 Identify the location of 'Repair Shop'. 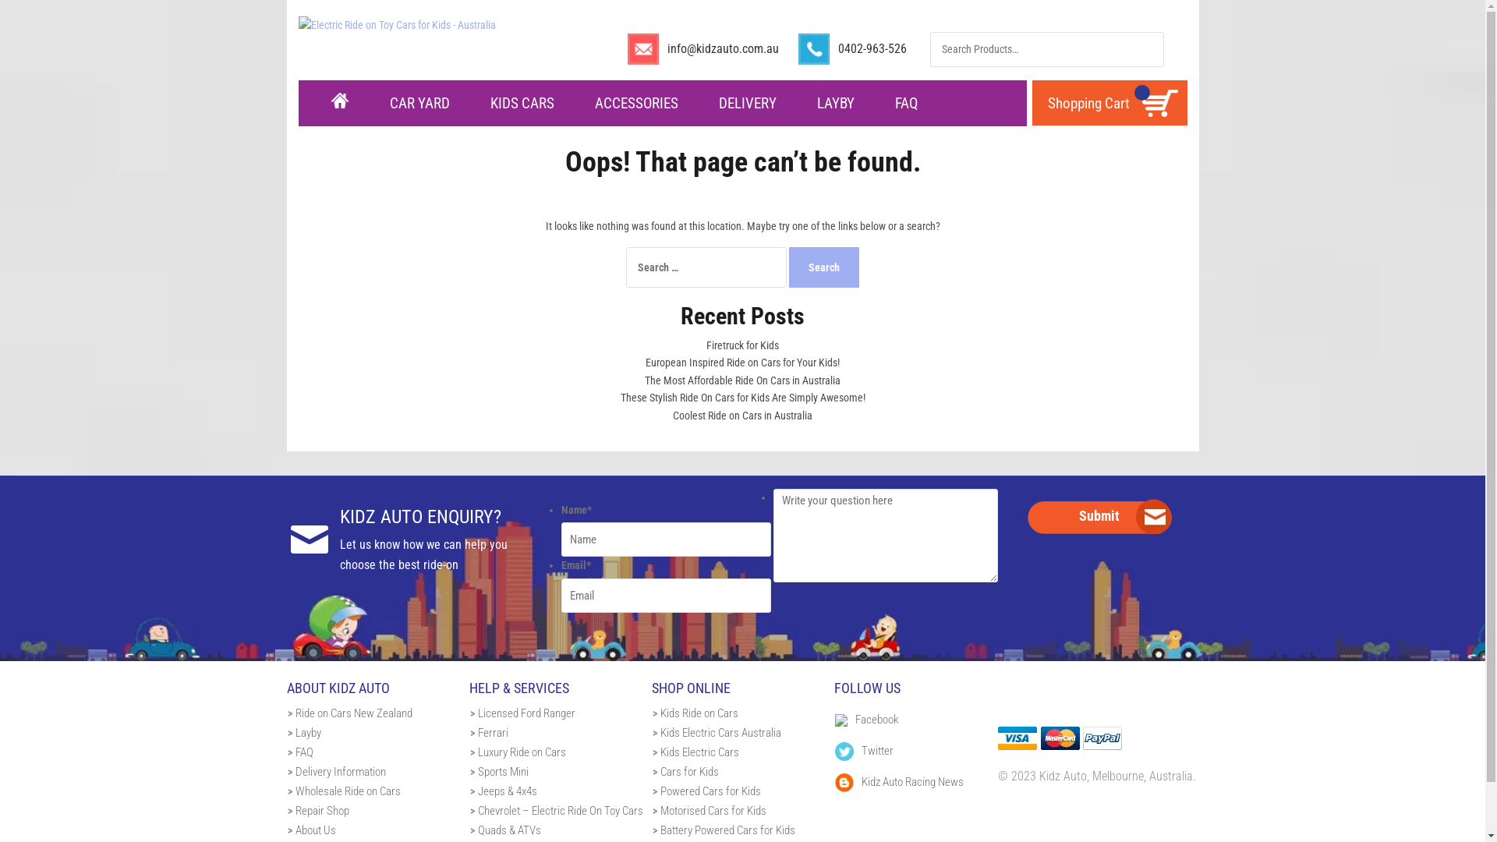
(295, 810).